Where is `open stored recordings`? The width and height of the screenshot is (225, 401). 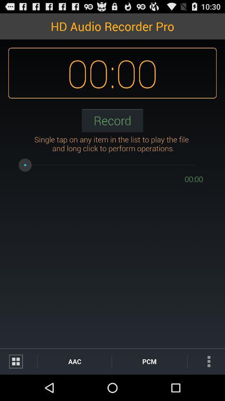
open stored recordings is located at coordinates (18, 361).